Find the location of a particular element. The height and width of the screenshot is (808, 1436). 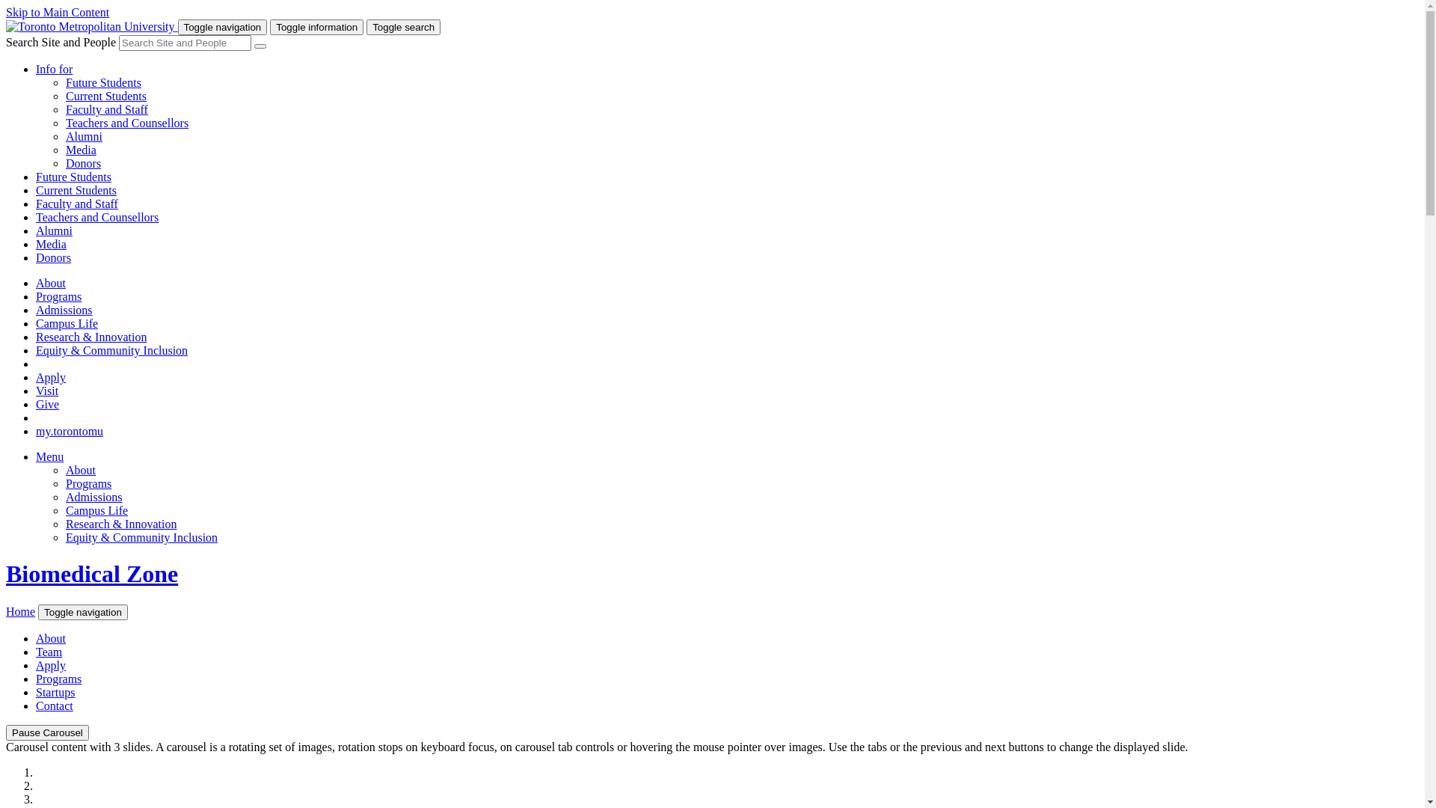

'Donors' is located at coordinates (82, 163).